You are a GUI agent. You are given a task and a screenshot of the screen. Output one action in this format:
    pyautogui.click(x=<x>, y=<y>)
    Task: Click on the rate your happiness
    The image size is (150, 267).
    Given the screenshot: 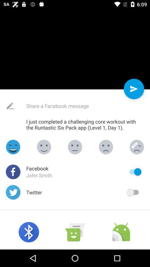 What is the action you would take?
    pyautogui.click(x=106, y=147)
    